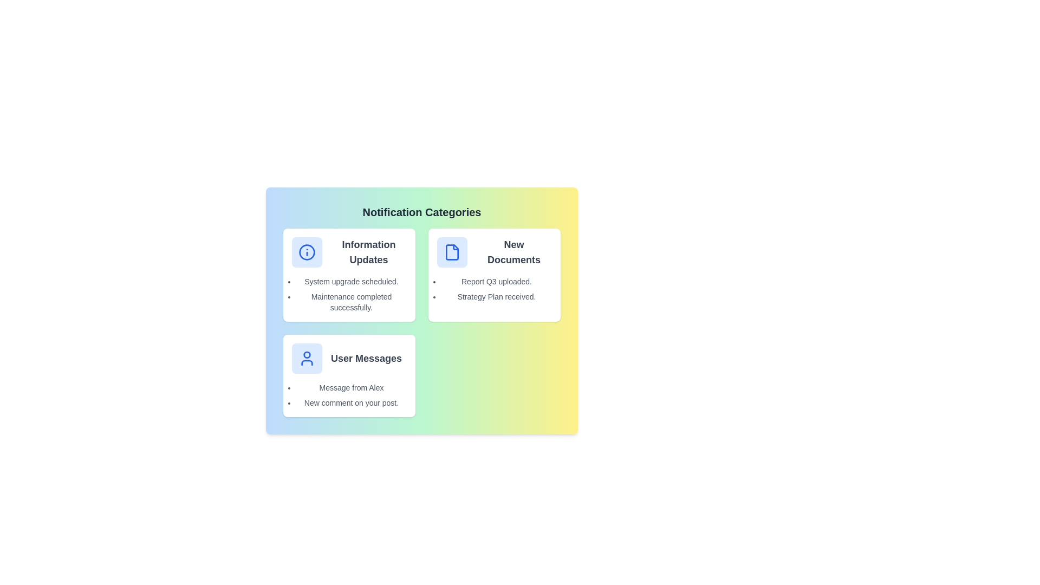 The height and width of the screenshot is (585, 1040). I want to click on the notification text 'Message from Alex' to show the context menu, so click(351, 387).